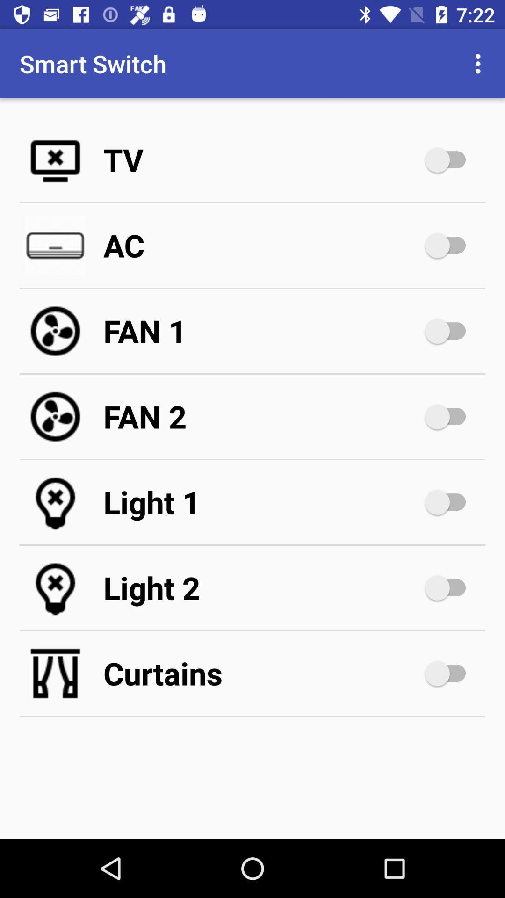 The width and height of the screenshot is (505, 898). What do you see at coordinates (449, 587) in the screenshot?
I see `switch on lightt 2` at bounding box center [449, 587].